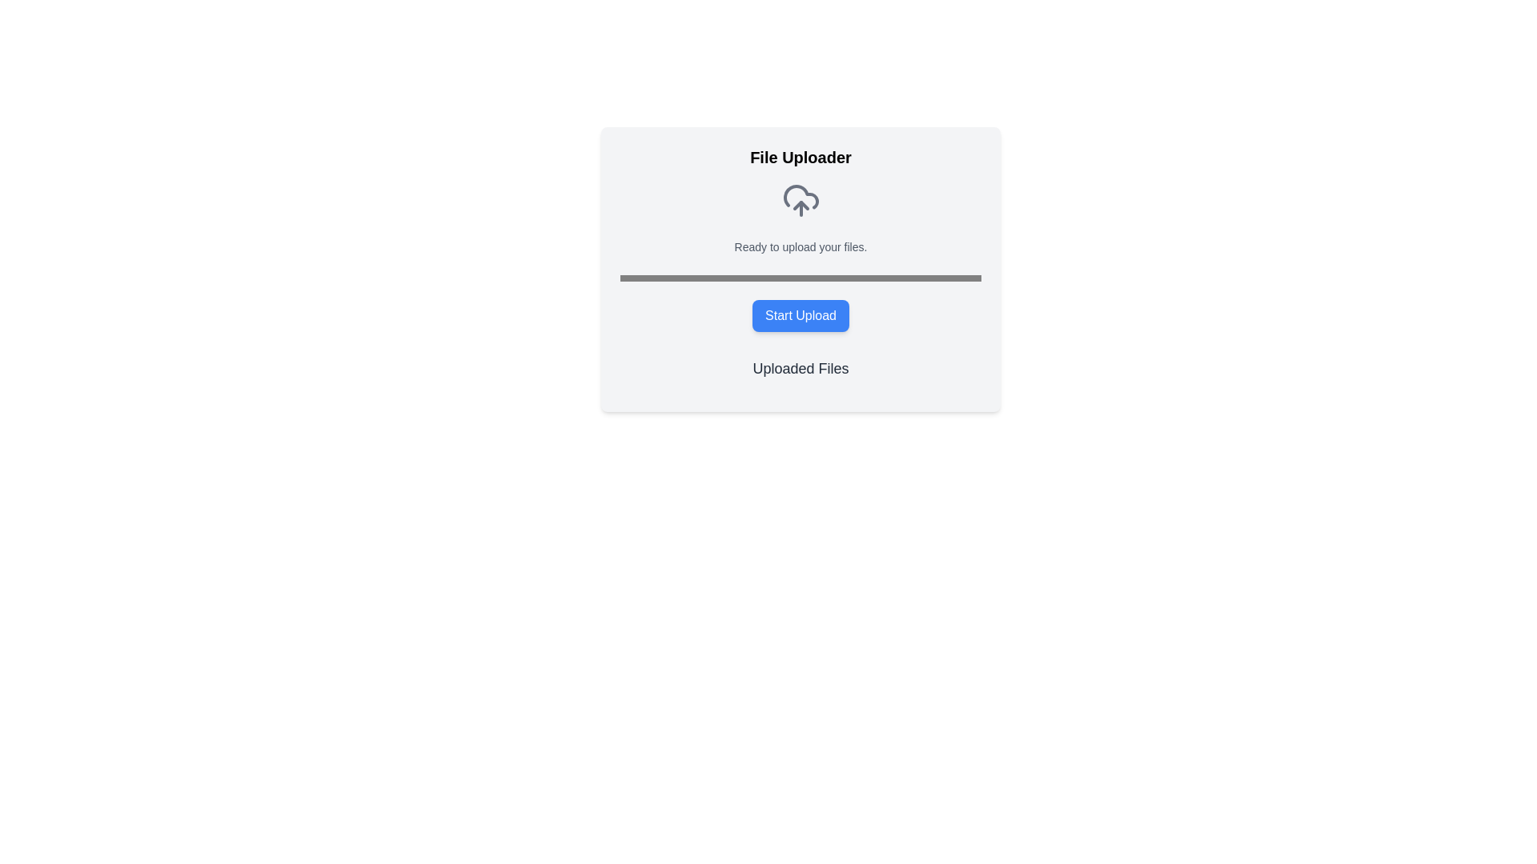 This screenshot has height=864, width=1537. I want to click on the file upload icon located below the 'File Uploader' heading and above the 'Ready to upload your files.' text to understand its purpose, so click(801, 199).